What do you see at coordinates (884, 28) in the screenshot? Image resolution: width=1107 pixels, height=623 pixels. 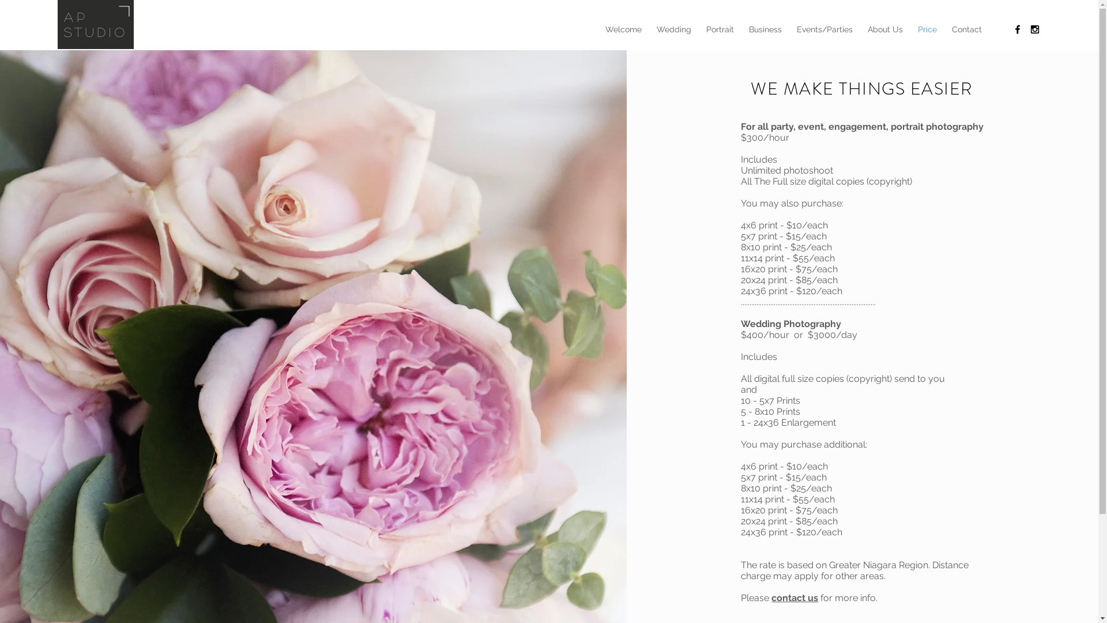 I see `'About Us'` at bounding box center [884, 28].